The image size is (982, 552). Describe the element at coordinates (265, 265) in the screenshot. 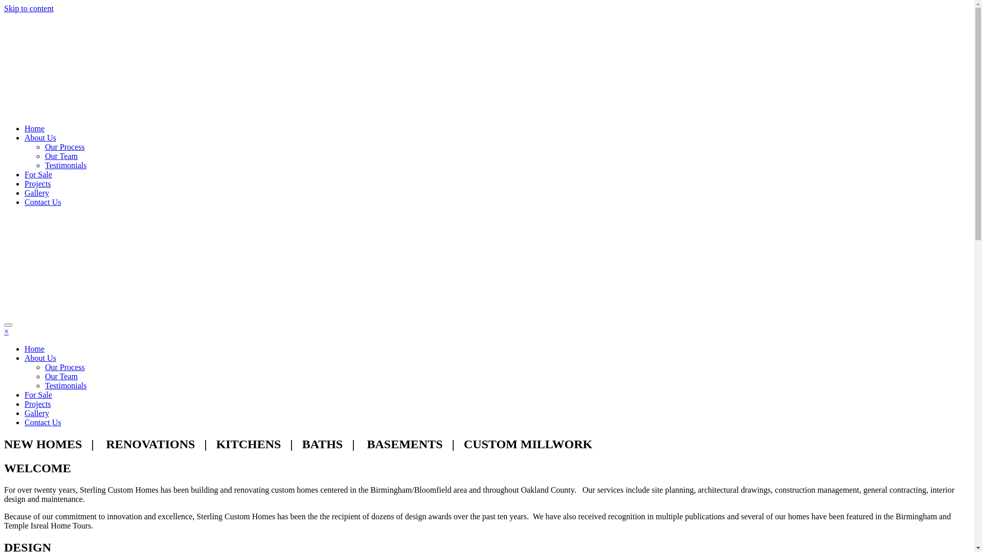

I see `'Logo-for-Embroidery-nobg'` at that location.